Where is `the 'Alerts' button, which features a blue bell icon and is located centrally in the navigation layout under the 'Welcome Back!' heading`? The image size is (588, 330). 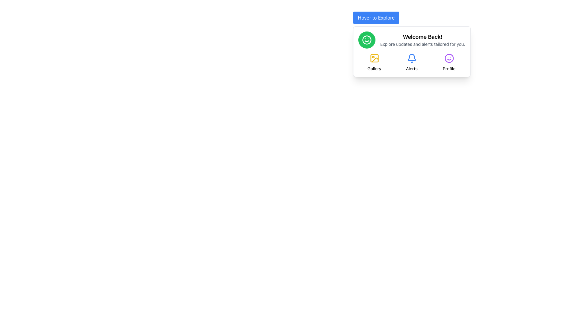
the 'Alerts' button, which features a blue bell icon and is located centrally in the navigation layout under the 'Welcome Back!' heading is located at coordinates (412, 62).